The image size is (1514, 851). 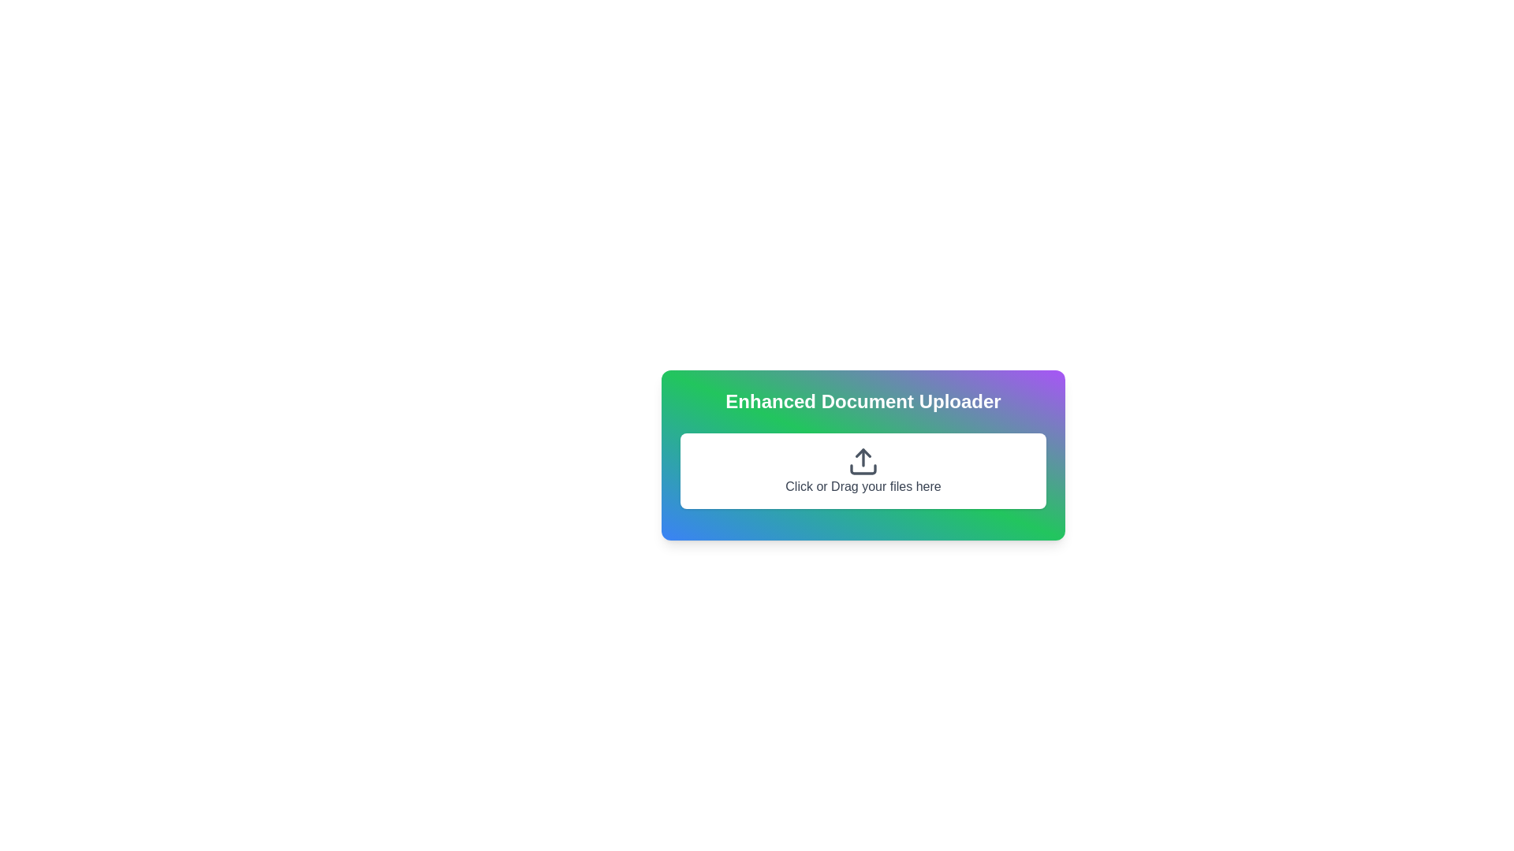 I want to click on the upload arrow SVG icon, which is centrally placed within the white box labeled 'Click or Drag your files here', so click(x=862, y=461).